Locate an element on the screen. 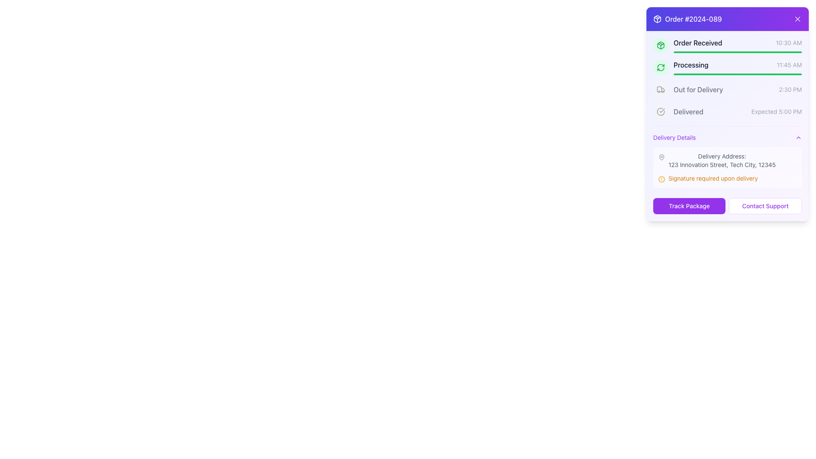 This screenshot has width=816, height=459. the bottom-right segment of the circular arrow icon, which is a curved section of the refresh/reload symbol is located at coordinates (660, 68).